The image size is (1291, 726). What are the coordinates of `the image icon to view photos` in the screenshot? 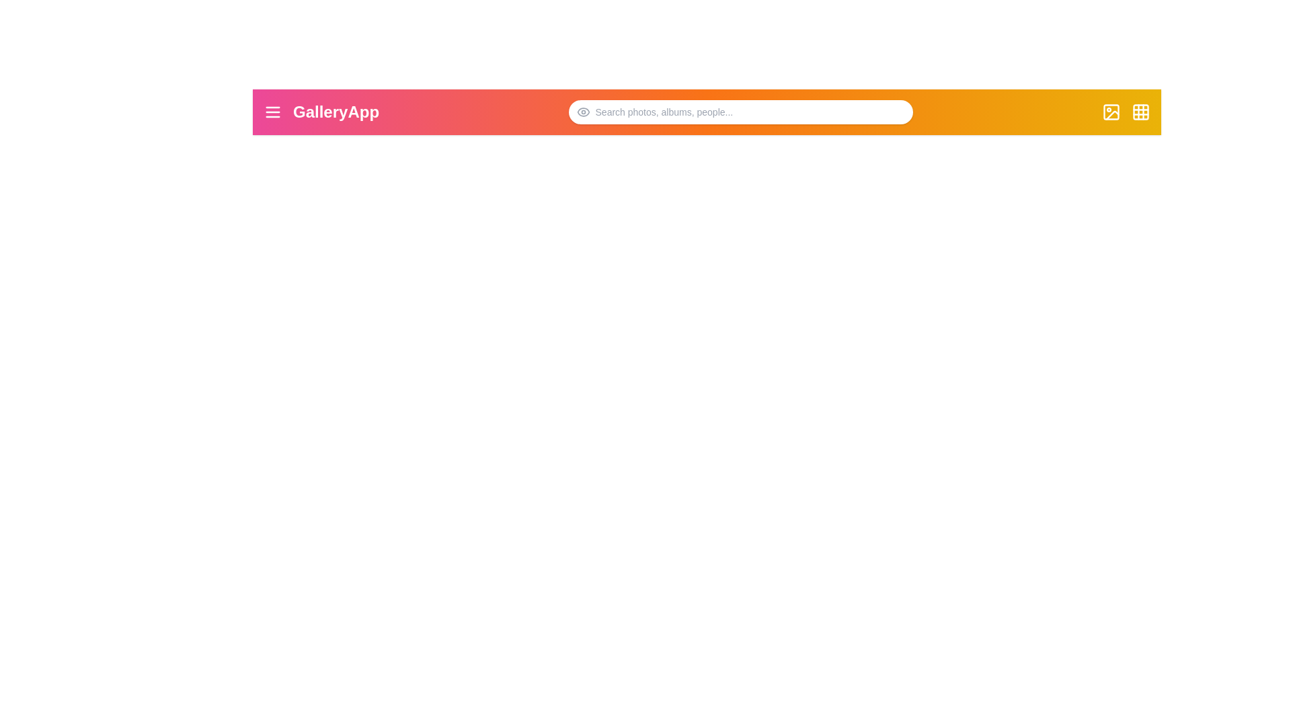 It's located at (1111, 111).